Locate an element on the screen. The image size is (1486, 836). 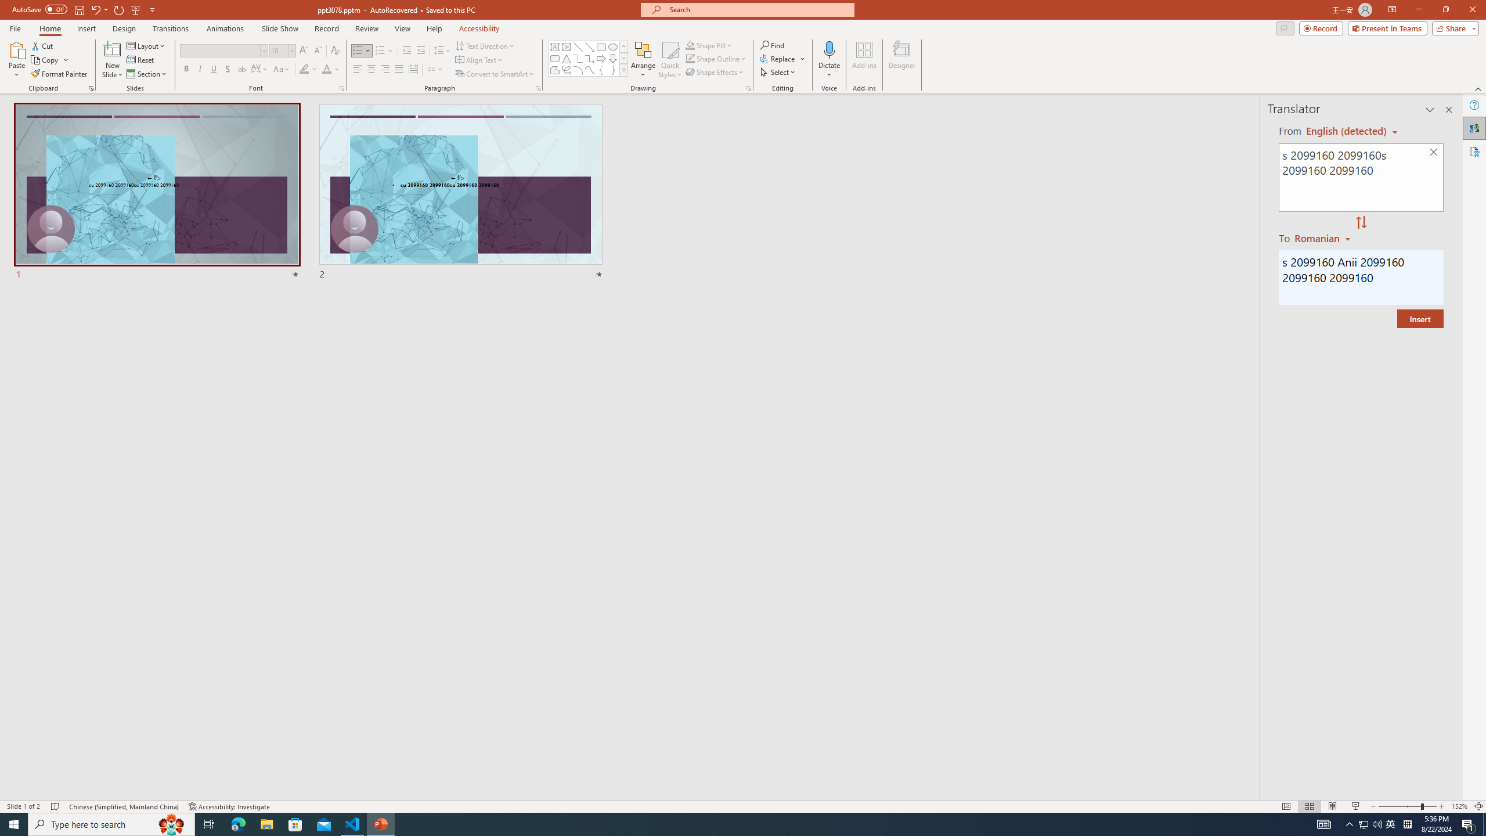
'Left Brace' is located at coordinates (601, 69).